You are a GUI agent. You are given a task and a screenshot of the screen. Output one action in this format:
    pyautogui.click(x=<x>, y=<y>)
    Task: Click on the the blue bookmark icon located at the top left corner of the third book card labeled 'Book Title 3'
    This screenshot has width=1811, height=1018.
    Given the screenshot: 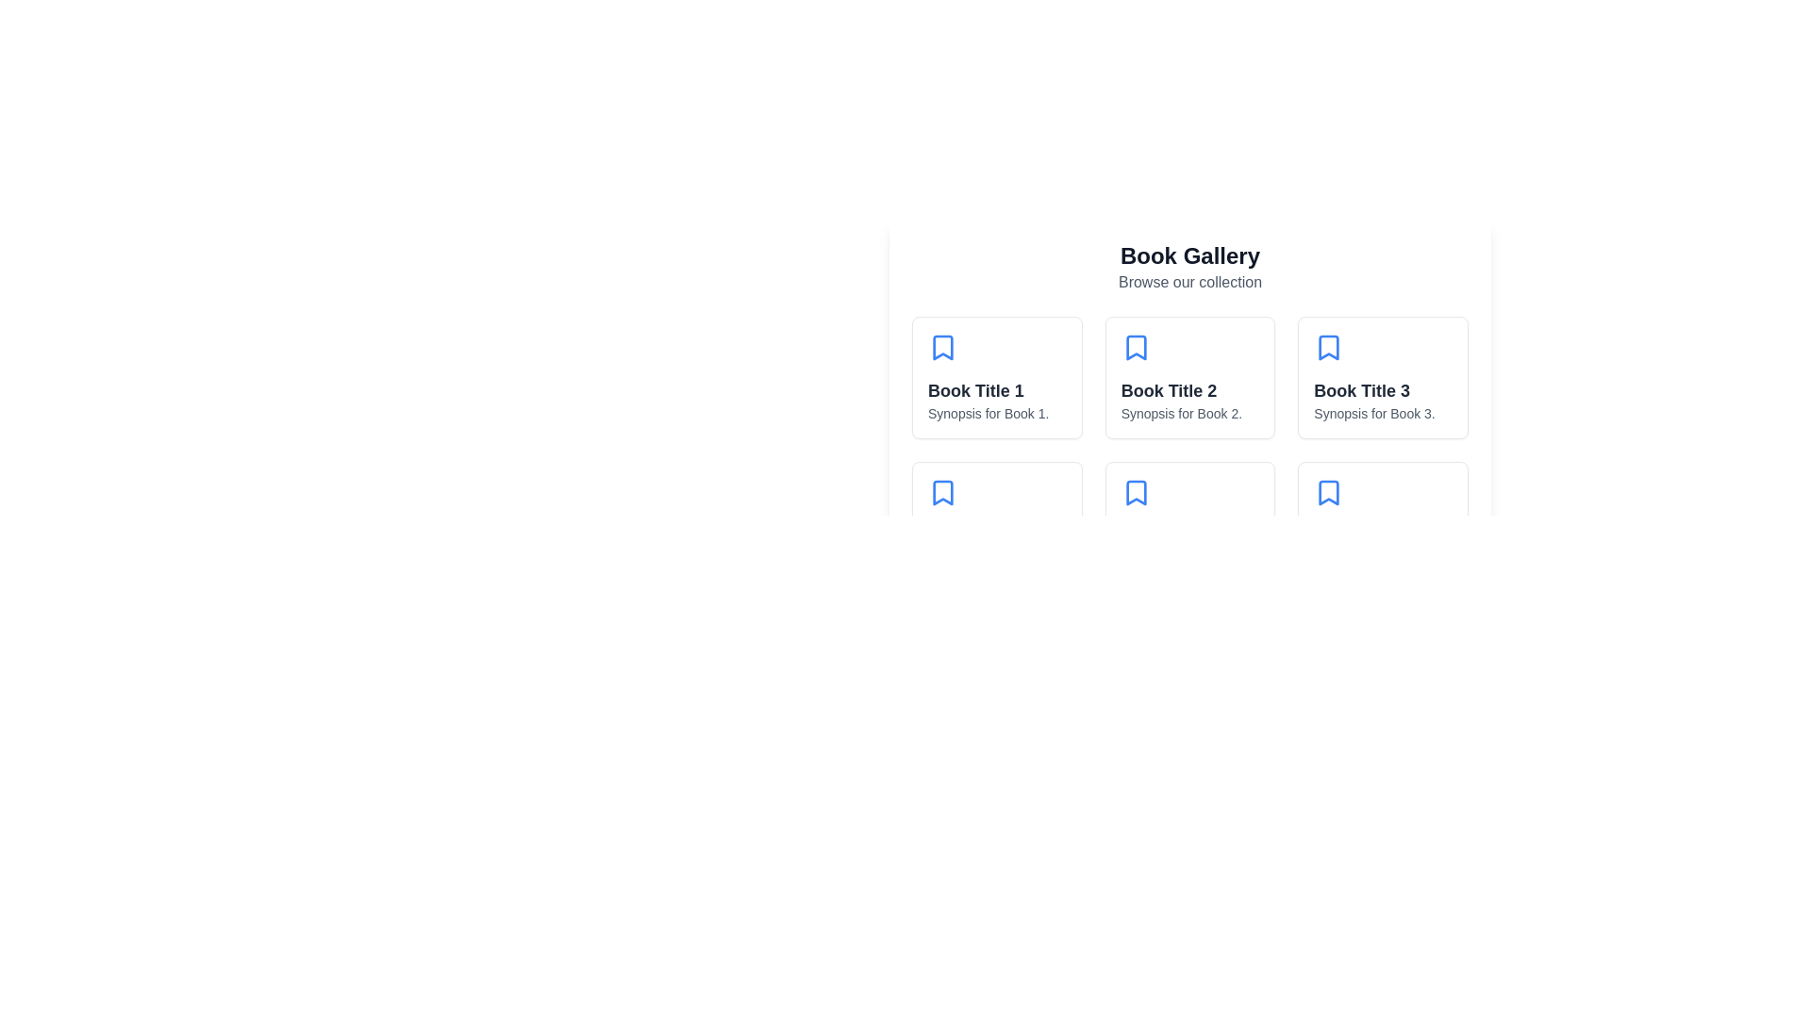 What is the action you would take?
    pyautogui.click(x=1328, y=348)
    